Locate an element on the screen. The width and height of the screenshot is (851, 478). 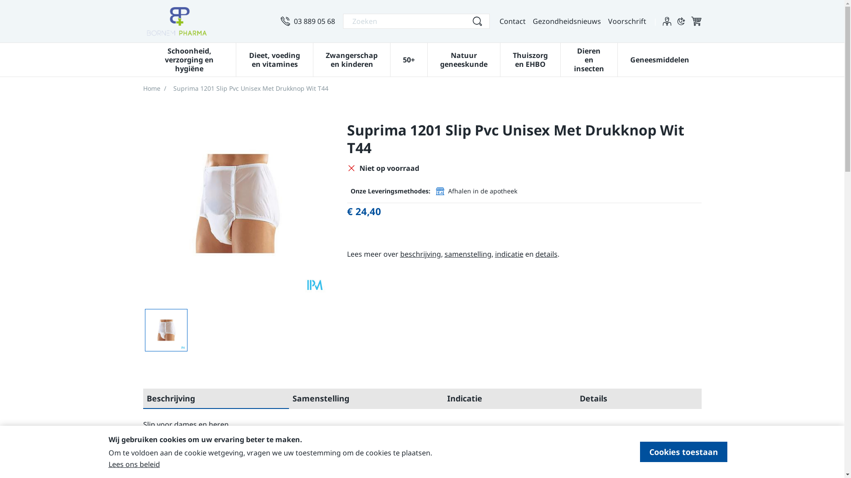
'Klant menu' is located at coordinates (666, 20).